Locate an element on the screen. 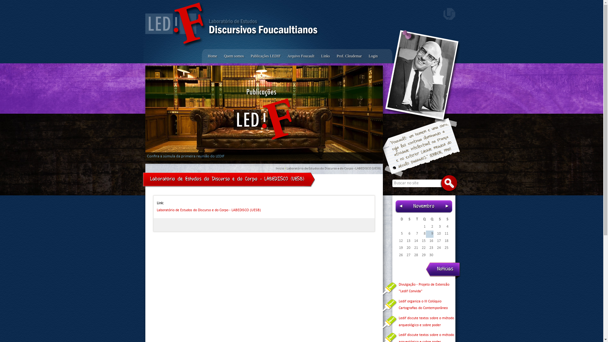 Image resolution: width=608 pixels, height=342 pixels. 'Home' is located at coordinates (205, 56).